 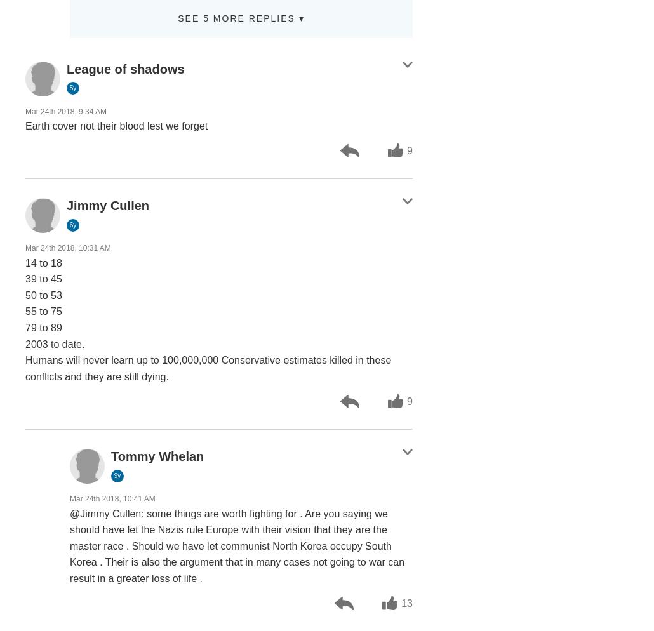 I want to click on 'Tommy Whelan', so click(x=157, y=456).